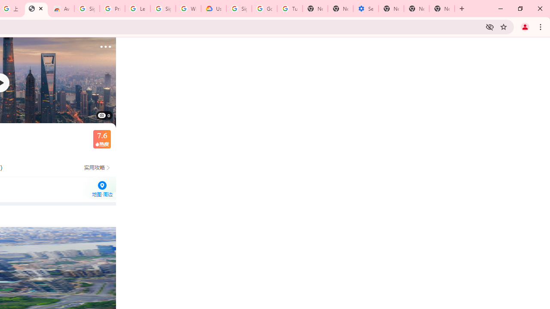 This screenshot has width=550, height=309. I want to click on 'Awesome Screen Recorder & Screenshot - Chrome Web Store', so click(61, 9).